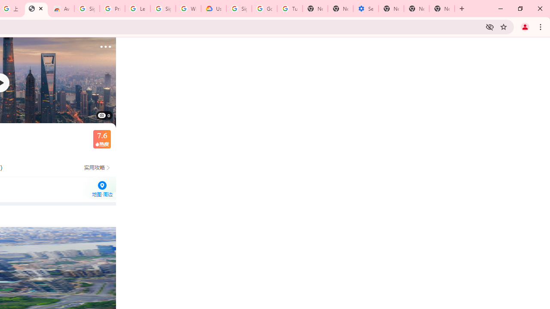 This screenshot has width=550, height=309. I want to click on 'Awesome Screen Recorder & Screenshot - Chrome Web Store', so click(61, 9).